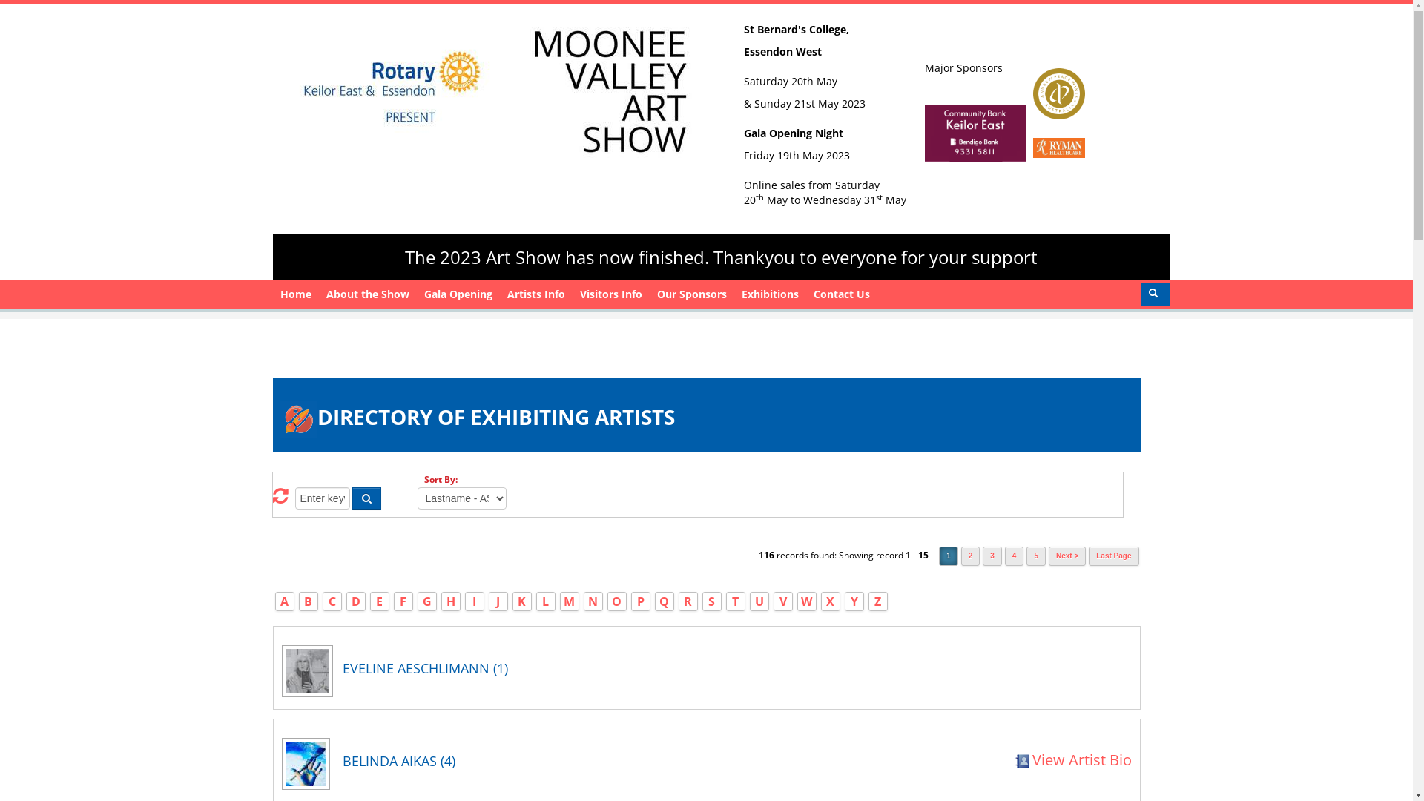 Image resolution: width=1424 pixels, height=801 pixels. Describe the element at coordinates (280, 601) in the screenshot. I see `'A'` at that location.